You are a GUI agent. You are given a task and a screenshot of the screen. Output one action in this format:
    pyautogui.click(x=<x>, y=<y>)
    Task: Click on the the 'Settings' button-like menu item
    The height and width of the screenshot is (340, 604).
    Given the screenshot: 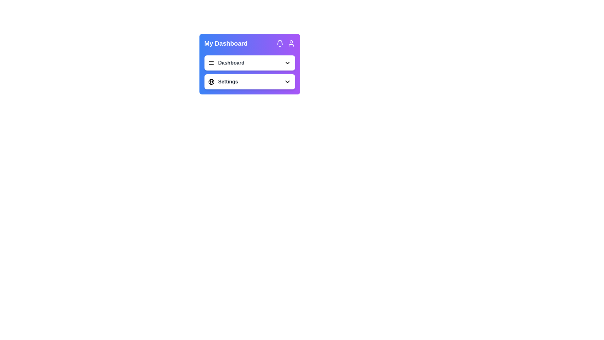 What is the action you would take?
    pyautogui.click(x=249, y=81)
    